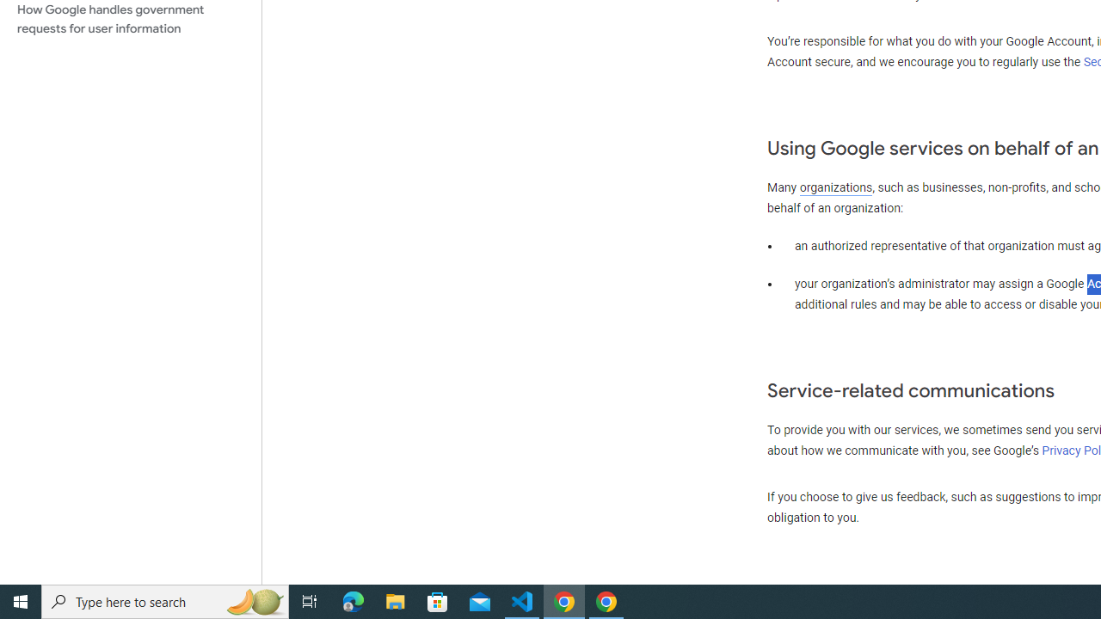 This screenshot has width=1101, height=619. I want to click on 'organizations', so click(836, 187).